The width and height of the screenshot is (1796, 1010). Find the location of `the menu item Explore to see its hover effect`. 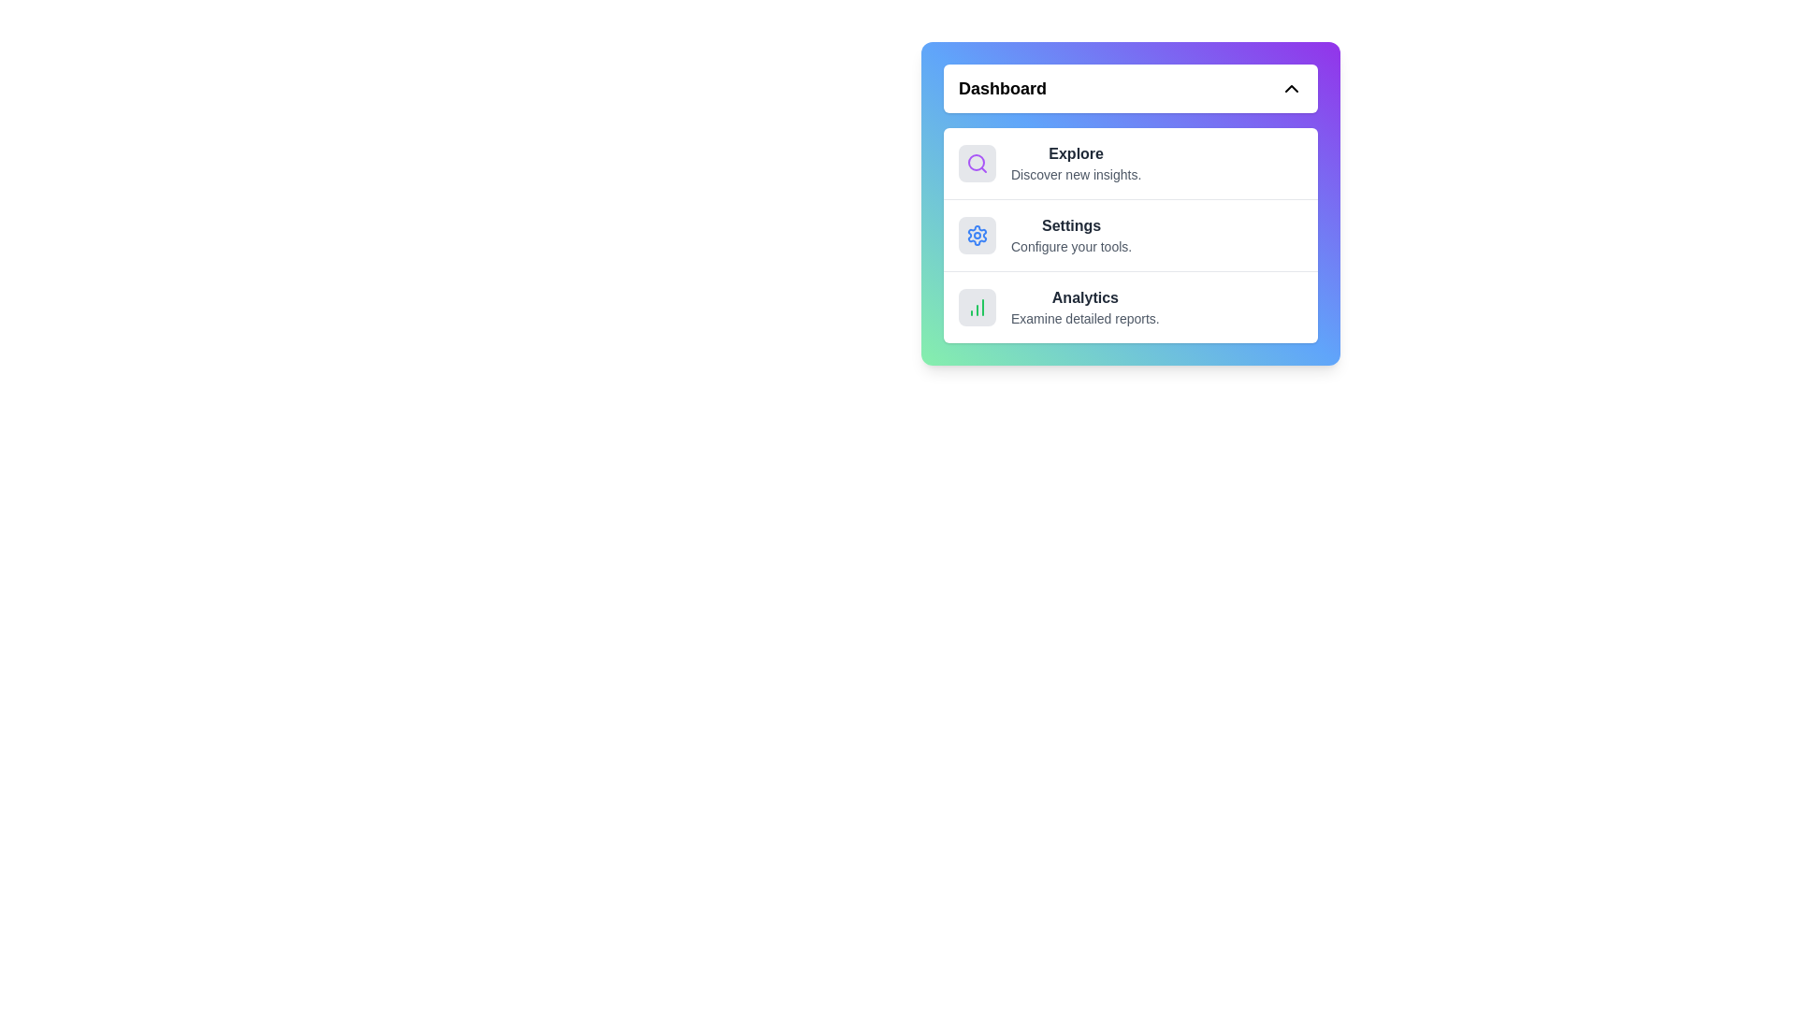

the menu item Explore to see its hover effect is located at coordinates (1130, 162).